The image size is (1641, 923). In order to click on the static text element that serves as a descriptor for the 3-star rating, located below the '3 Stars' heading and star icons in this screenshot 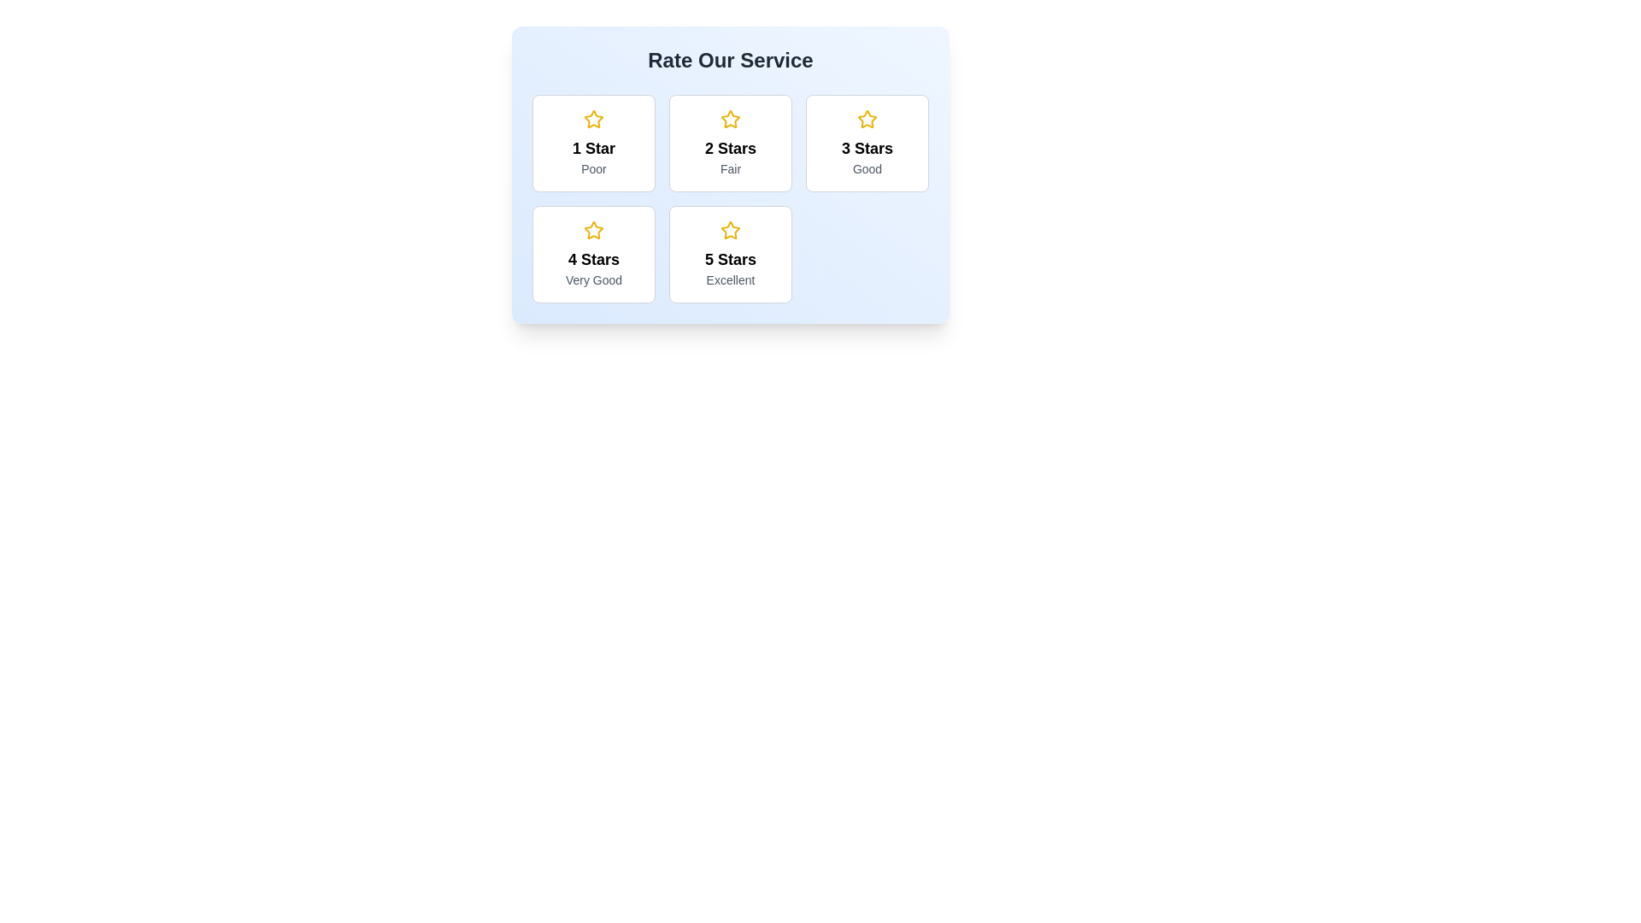, I will do `click(867, 168)`.